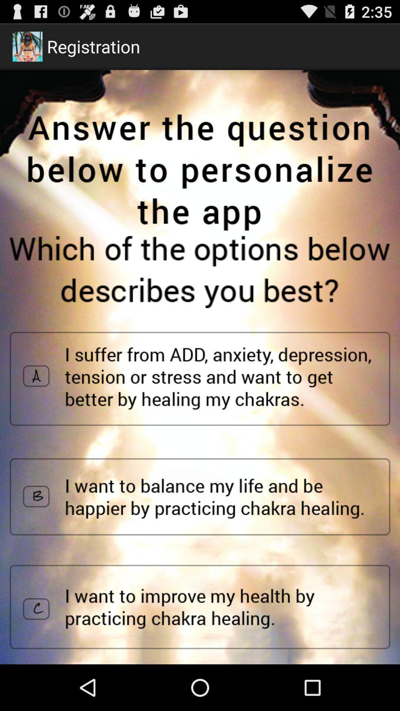  I want to click on improve my health option, so click(200, 607).